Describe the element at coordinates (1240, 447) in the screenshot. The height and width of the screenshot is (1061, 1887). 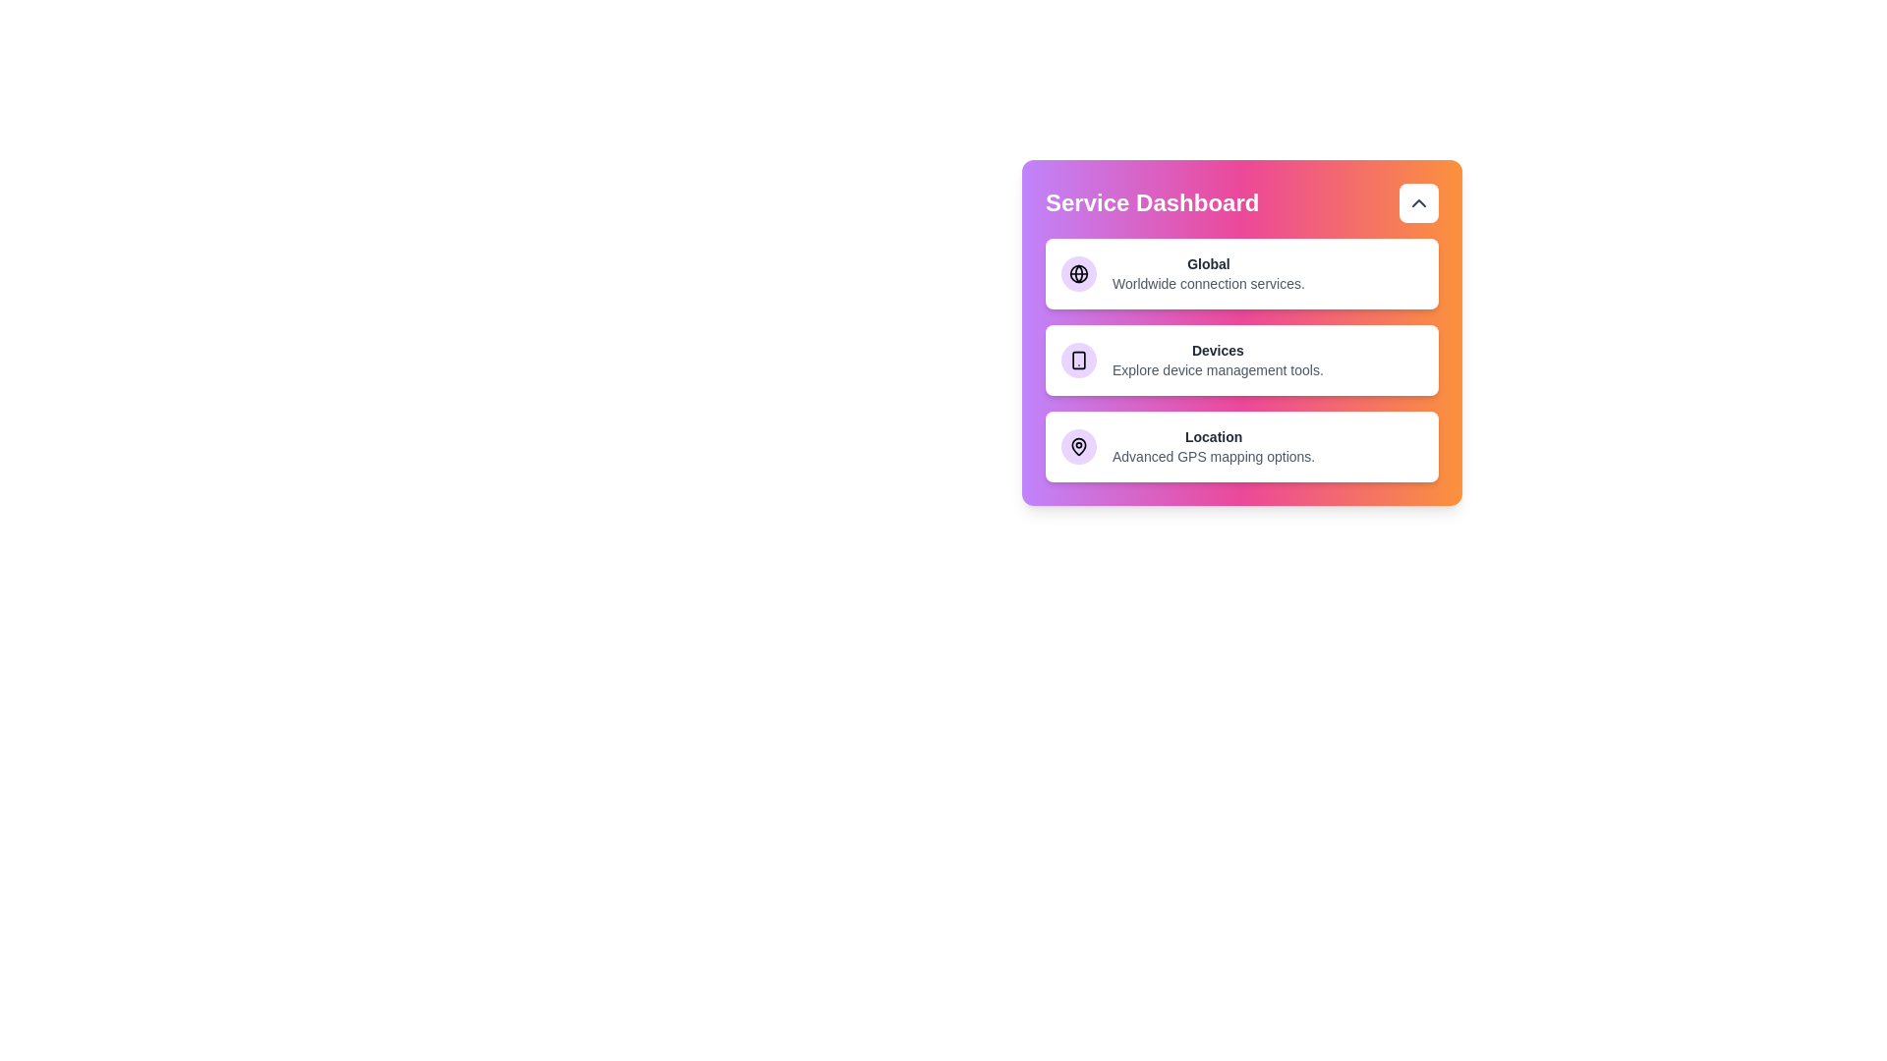
I see `the Location service card to select it` at that location.